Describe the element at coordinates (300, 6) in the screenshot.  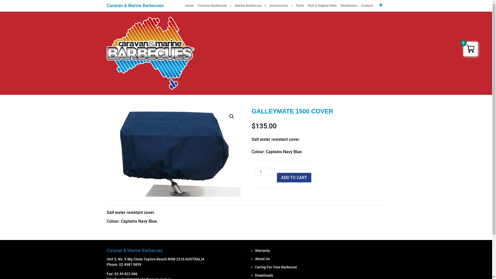
I see `'Parts'` at that location.